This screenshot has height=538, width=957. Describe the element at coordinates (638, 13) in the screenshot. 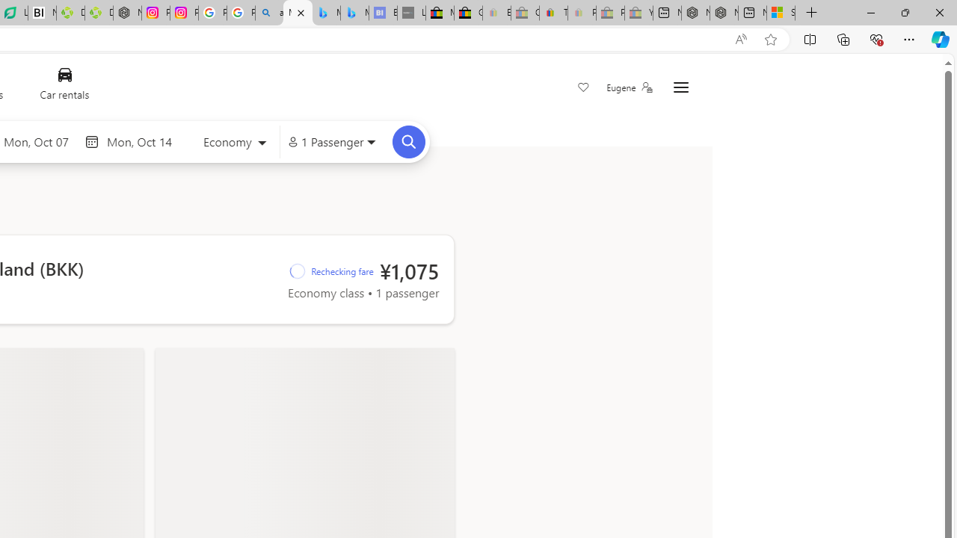

I see `'Yard, Garden & Outdoor Living - Sleeping'` at that location.